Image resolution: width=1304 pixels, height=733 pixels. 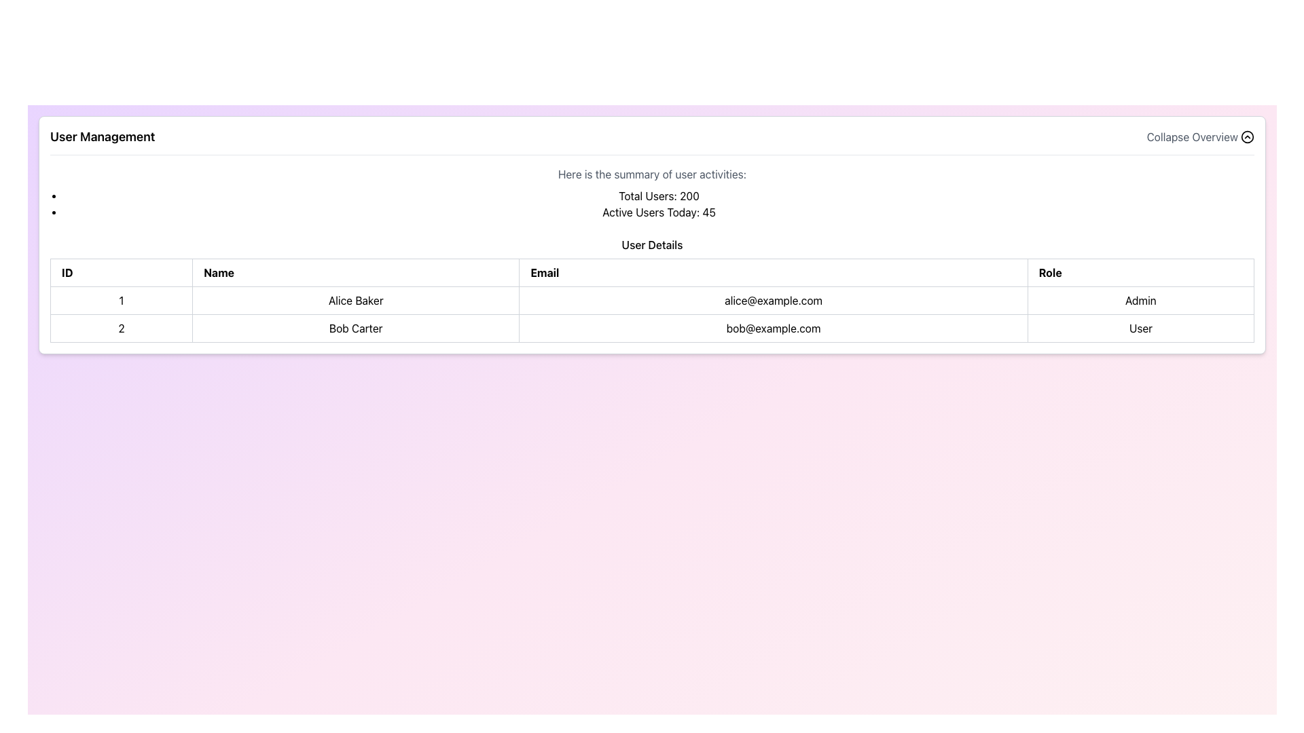 What do you see at coordinates (652, 328) in the screenshot?
I see `the second row of the 'User Details' section table, which contains the cells with '2', 'Bob Carter', 'bob@example.com', and 'User'` at bounding box center [652, 328].